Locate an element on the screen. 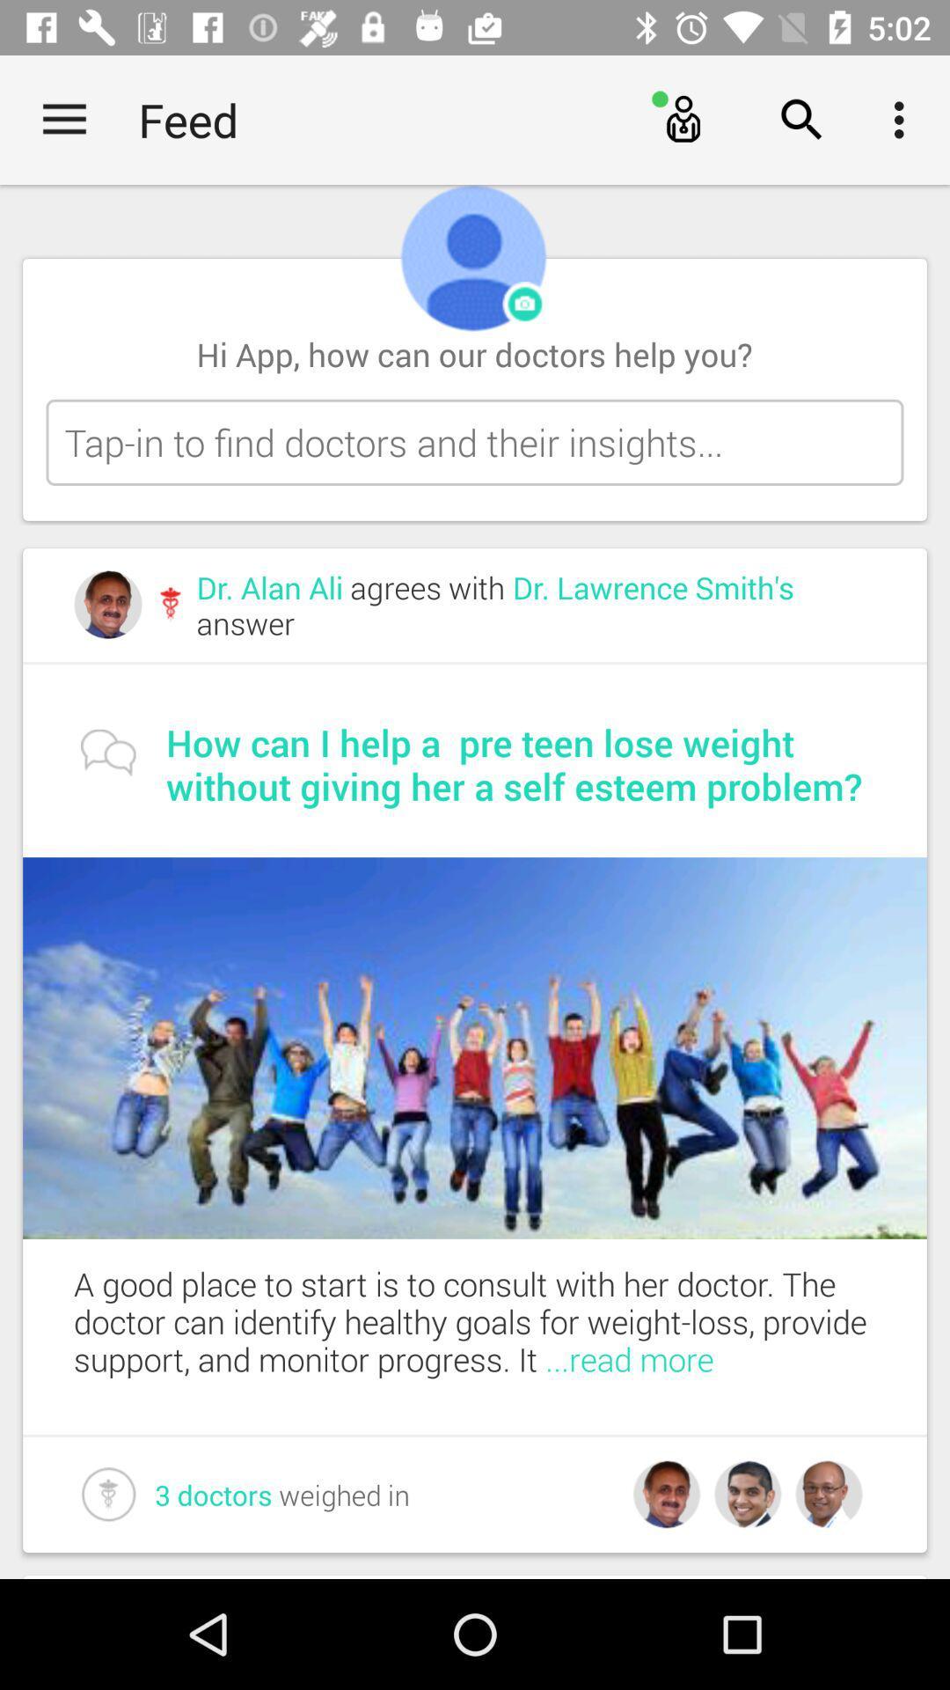  item above the how can i item is located at coordinates (535, 605).